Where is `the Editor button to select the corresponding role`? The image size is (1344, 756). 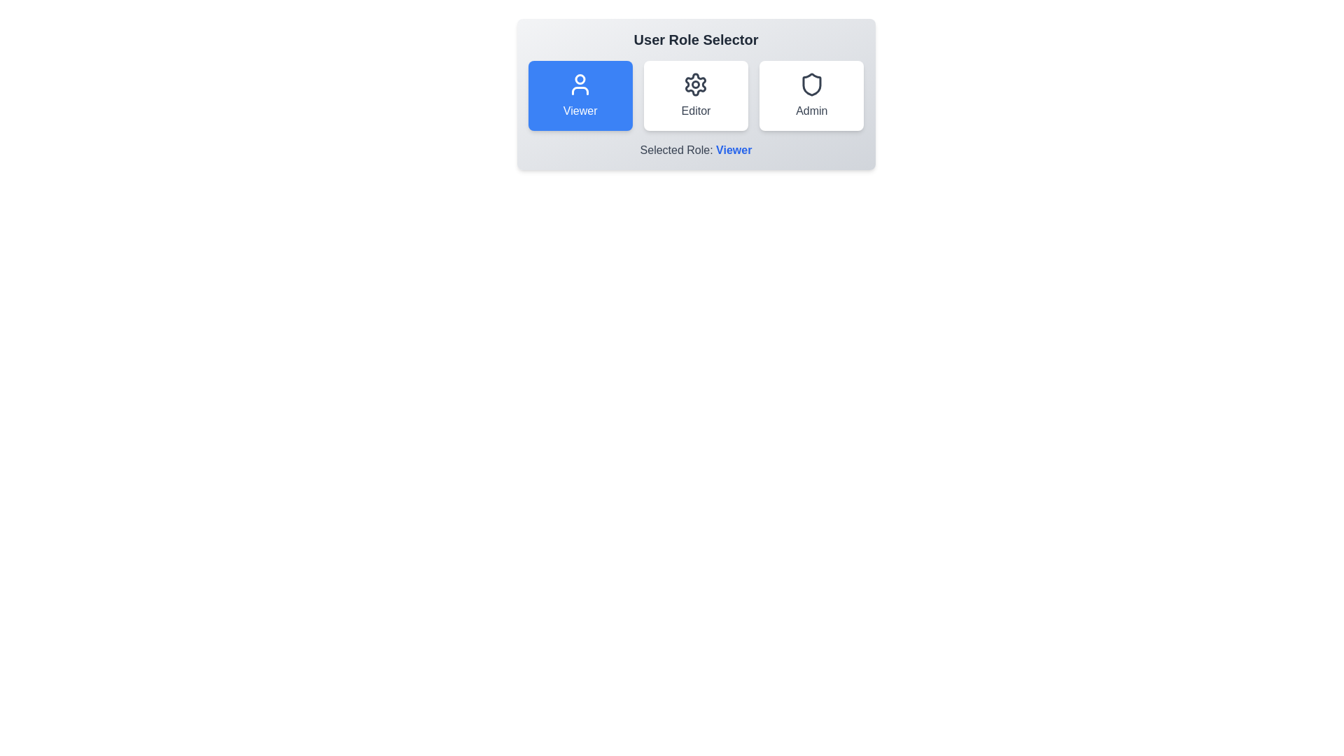 the Editor button to select the corresponding role is located at coordinates (695, 95).